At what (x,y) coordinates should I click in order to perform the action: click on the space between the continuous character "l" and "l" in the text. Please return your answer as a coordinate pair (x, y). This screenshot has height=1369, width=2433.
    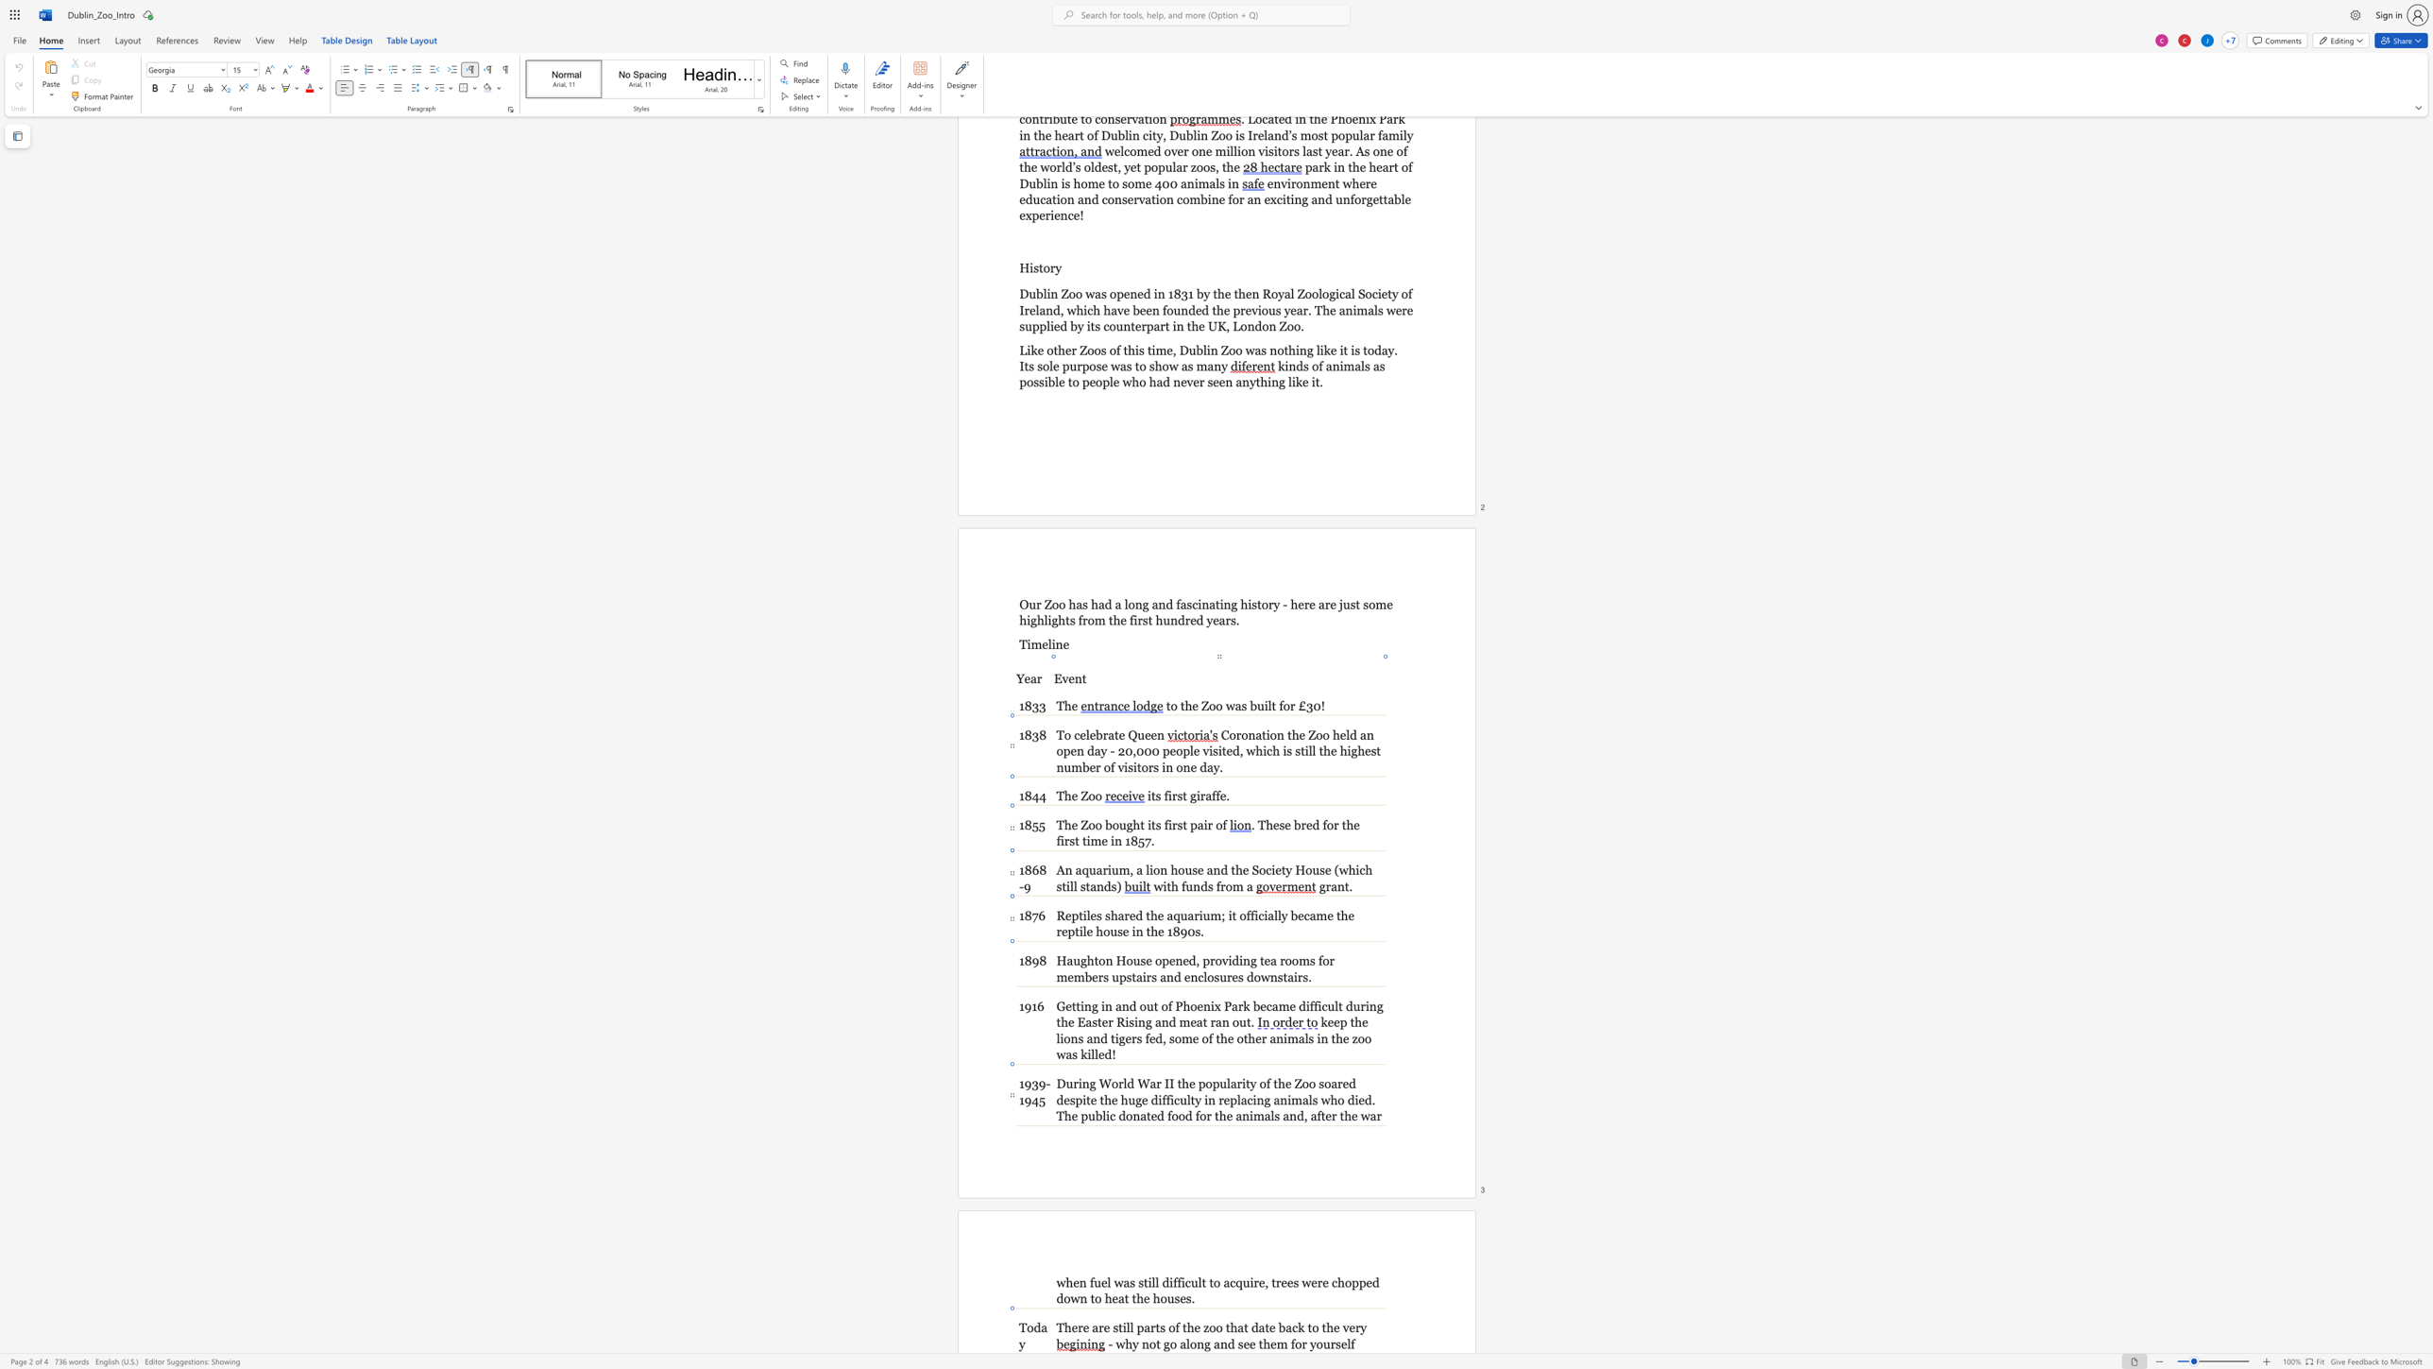
    Looking at the image, I should click on (1155, 1281).